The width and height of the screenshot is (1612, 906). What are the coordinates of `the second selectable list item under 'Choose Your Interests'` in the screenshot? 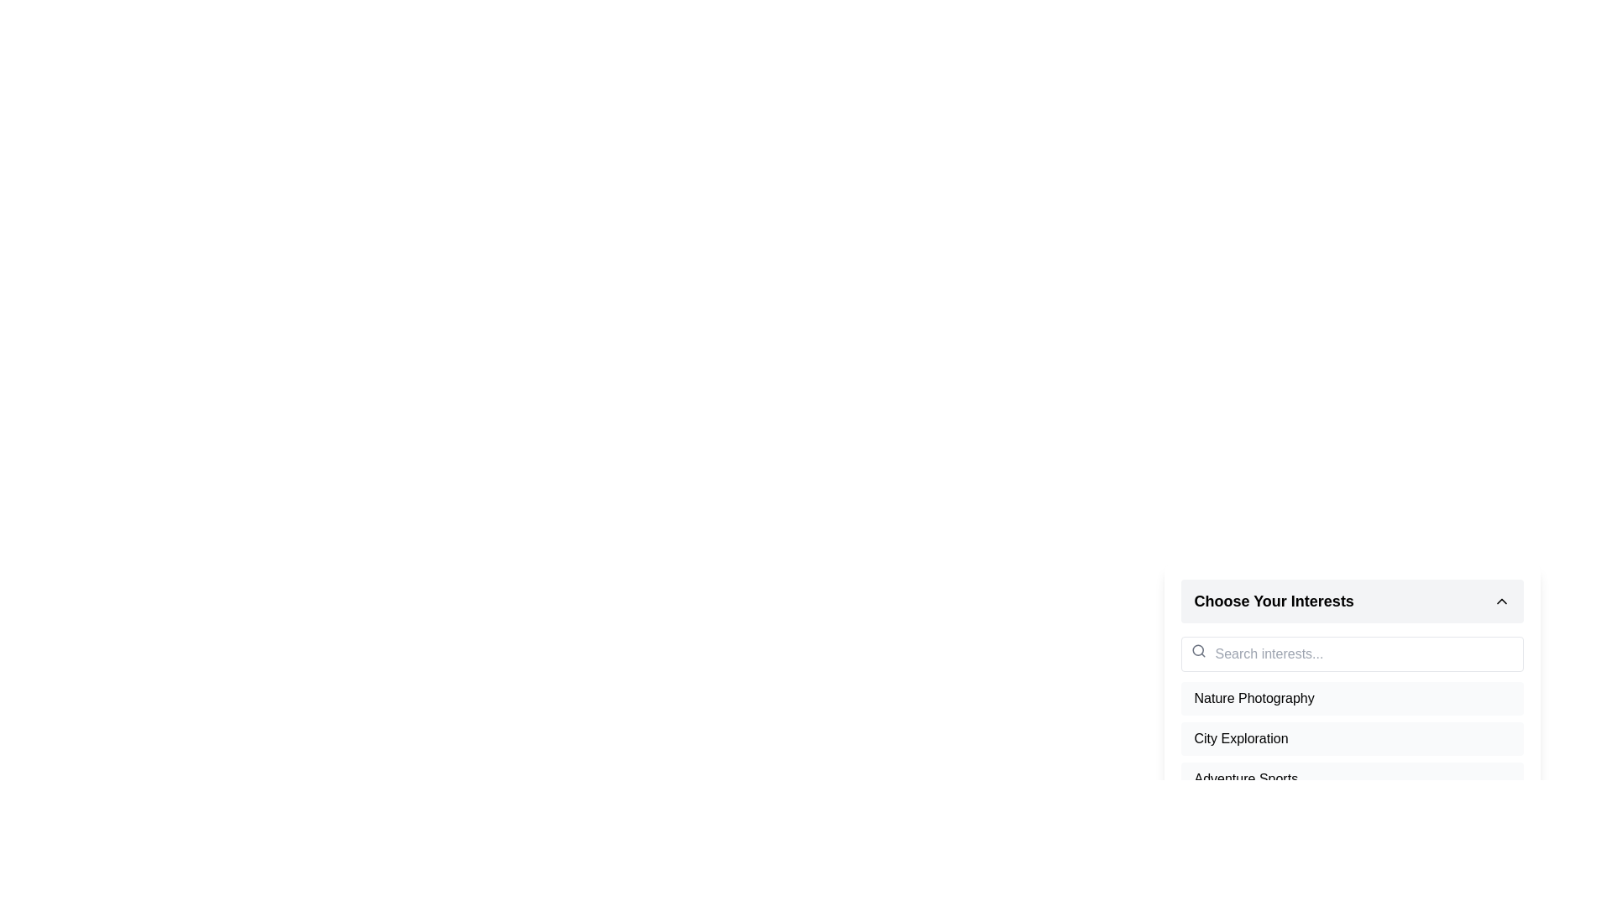 It's located at (1352, 737).